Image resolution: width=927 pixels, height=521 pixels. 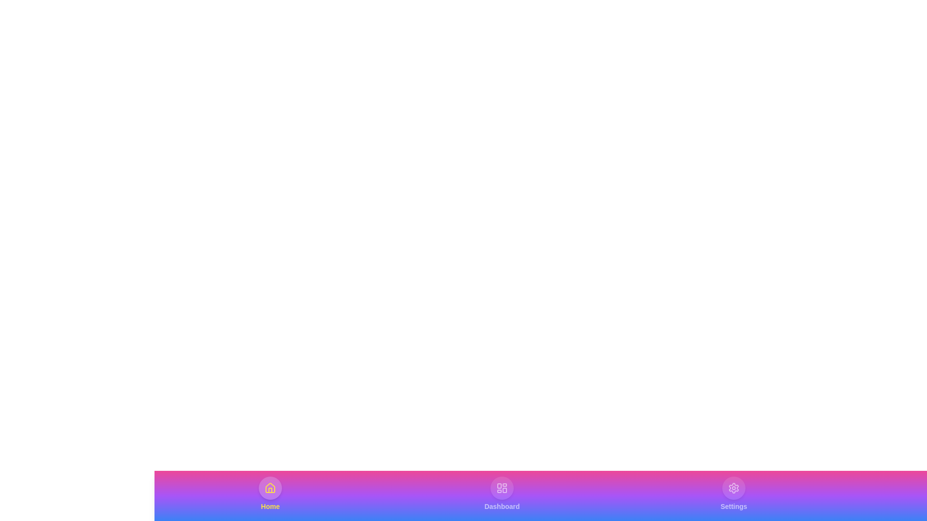 I want to click on the Settings button in the bottom navigation bar, so click(x=734, y=494).